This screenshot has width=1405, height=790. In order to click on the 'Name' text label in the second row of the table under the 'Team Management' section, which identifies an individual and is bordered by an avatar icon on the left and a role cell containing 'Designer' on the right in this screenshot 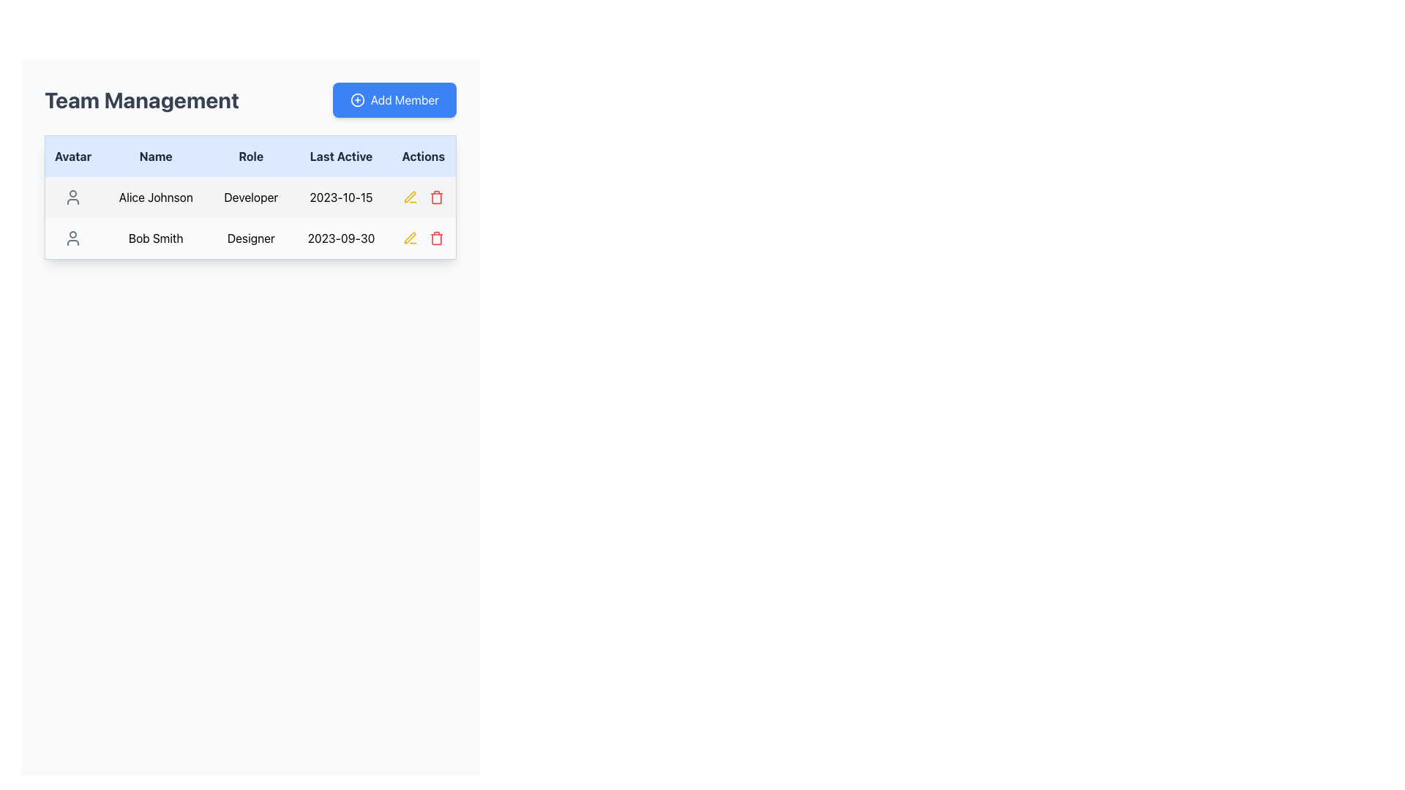, I will do `click(156, 238)`.